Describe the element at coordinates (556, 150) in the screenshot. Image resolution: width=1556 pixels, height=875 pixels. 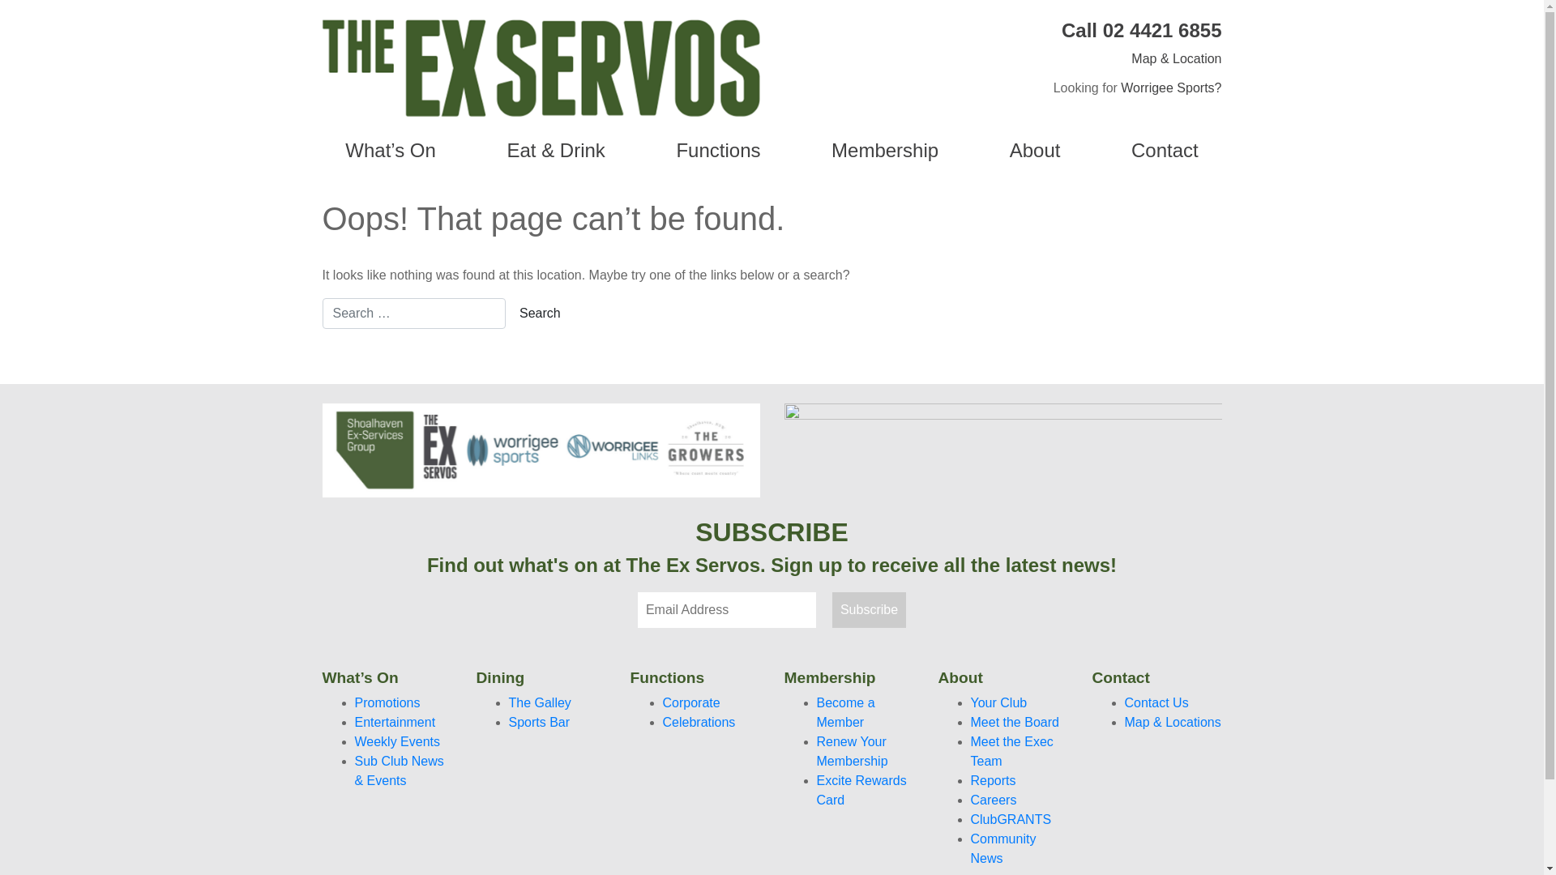
I see `'Eat & Drink'` at that location.